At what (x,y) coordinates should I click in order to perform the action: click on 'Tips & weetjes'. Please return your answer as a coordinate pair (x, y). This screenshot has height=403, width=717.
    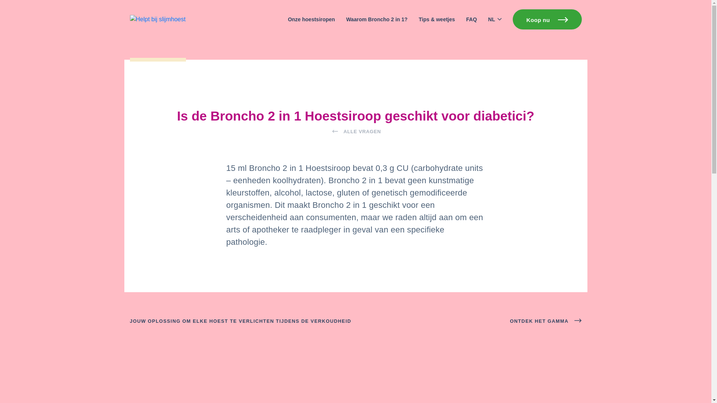
    Looking at the image, I should click on (437, 19).